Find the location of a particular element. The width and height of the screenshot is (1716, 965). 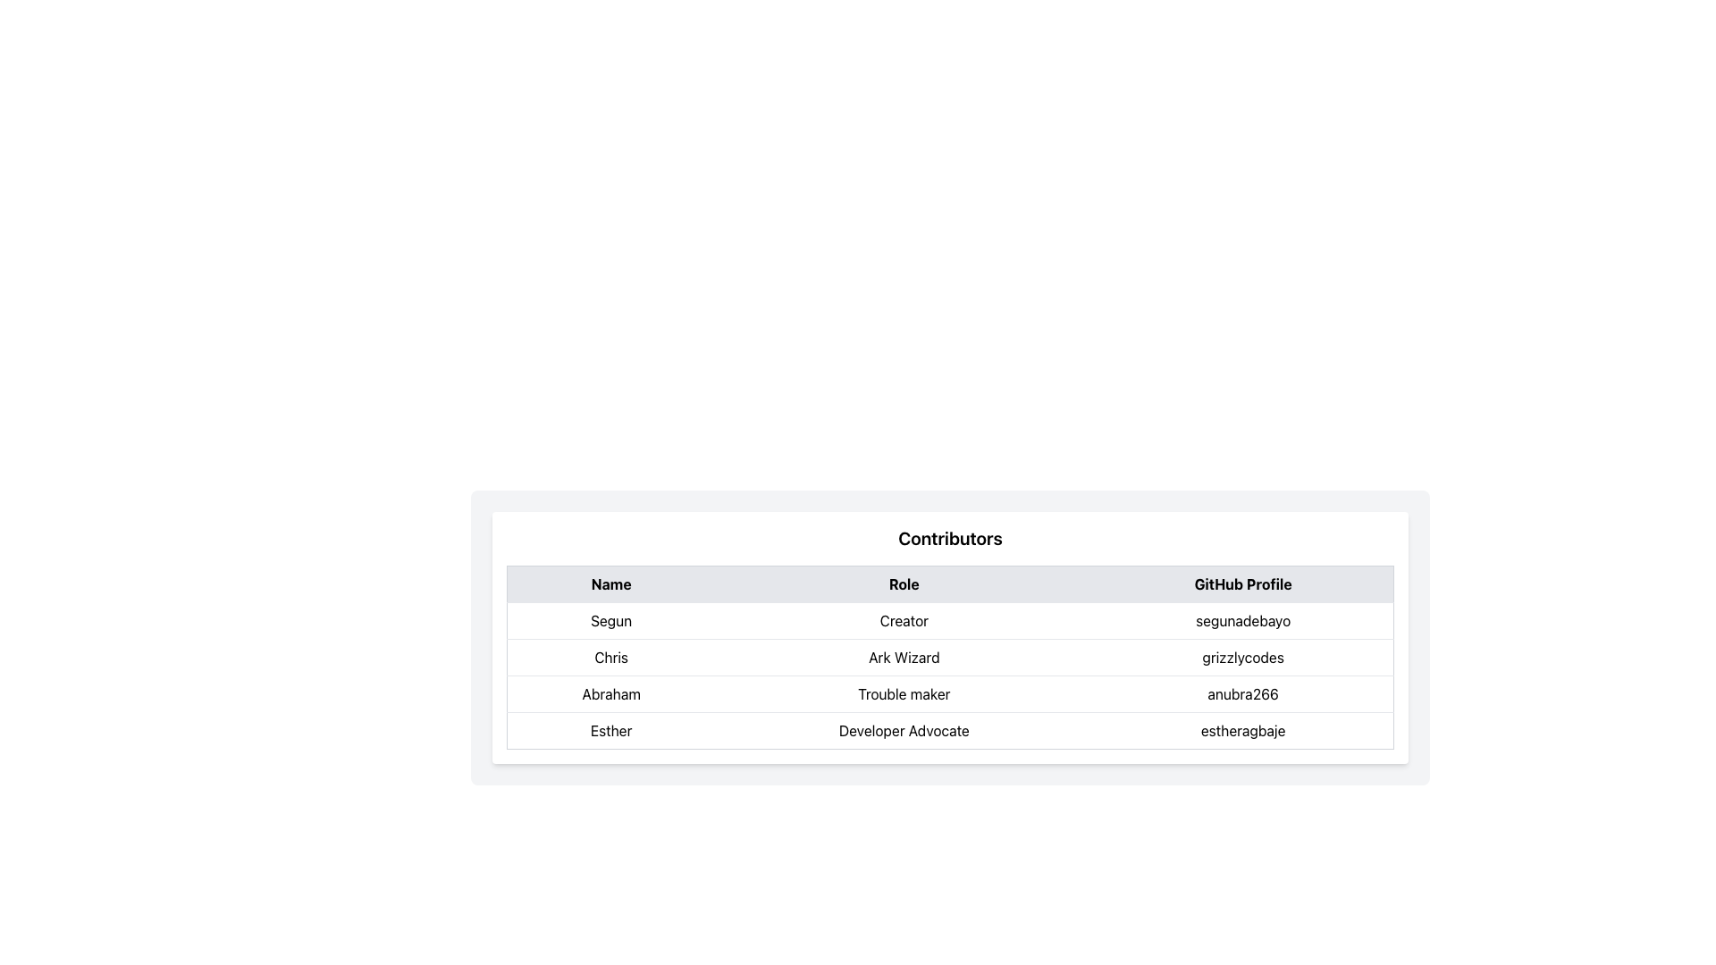

the section of the second row in the Contributors table that displays information about the contributor named 'Chris', who is the 'Ark Wizard' and has the profile 'grizzlycodes' is located at coordinates (949, 658).